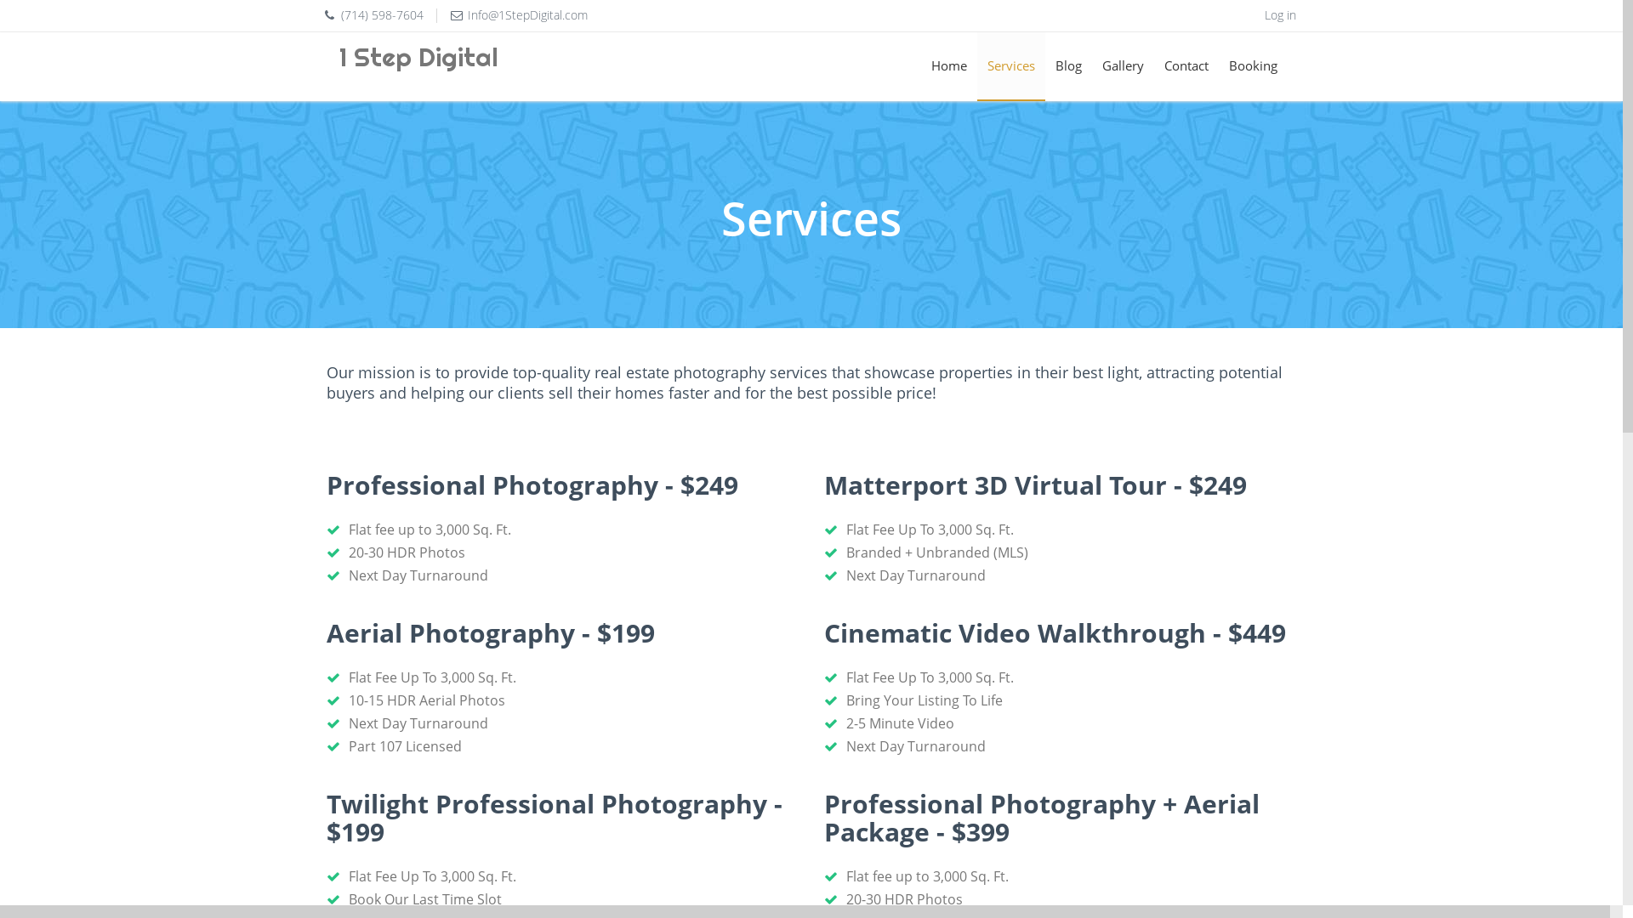 This screenshot has width=1633, height=918. What do you see at coordinates (339, 14) in the screenshot?
I see `'(714) 598-7604'` at bounding box center [339, 14].